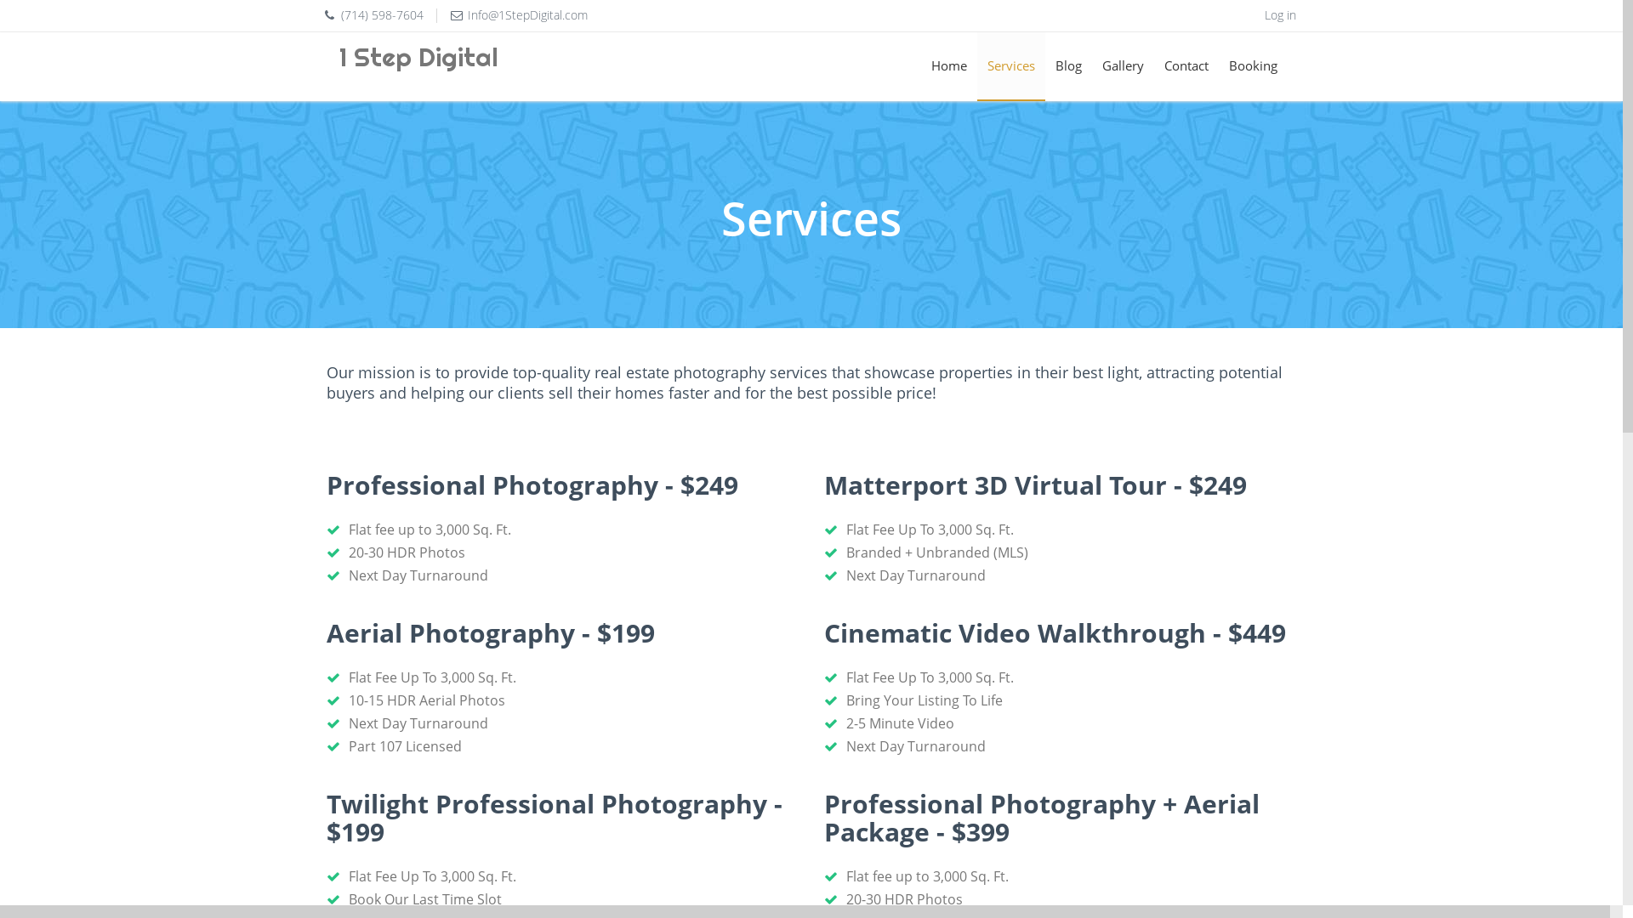 This screenshot has width=1633, height=918. What do you see at coordinates (339, 14) in the screenshot?
I see `'(714) 598-7604'` at bounding box center [339, 14].